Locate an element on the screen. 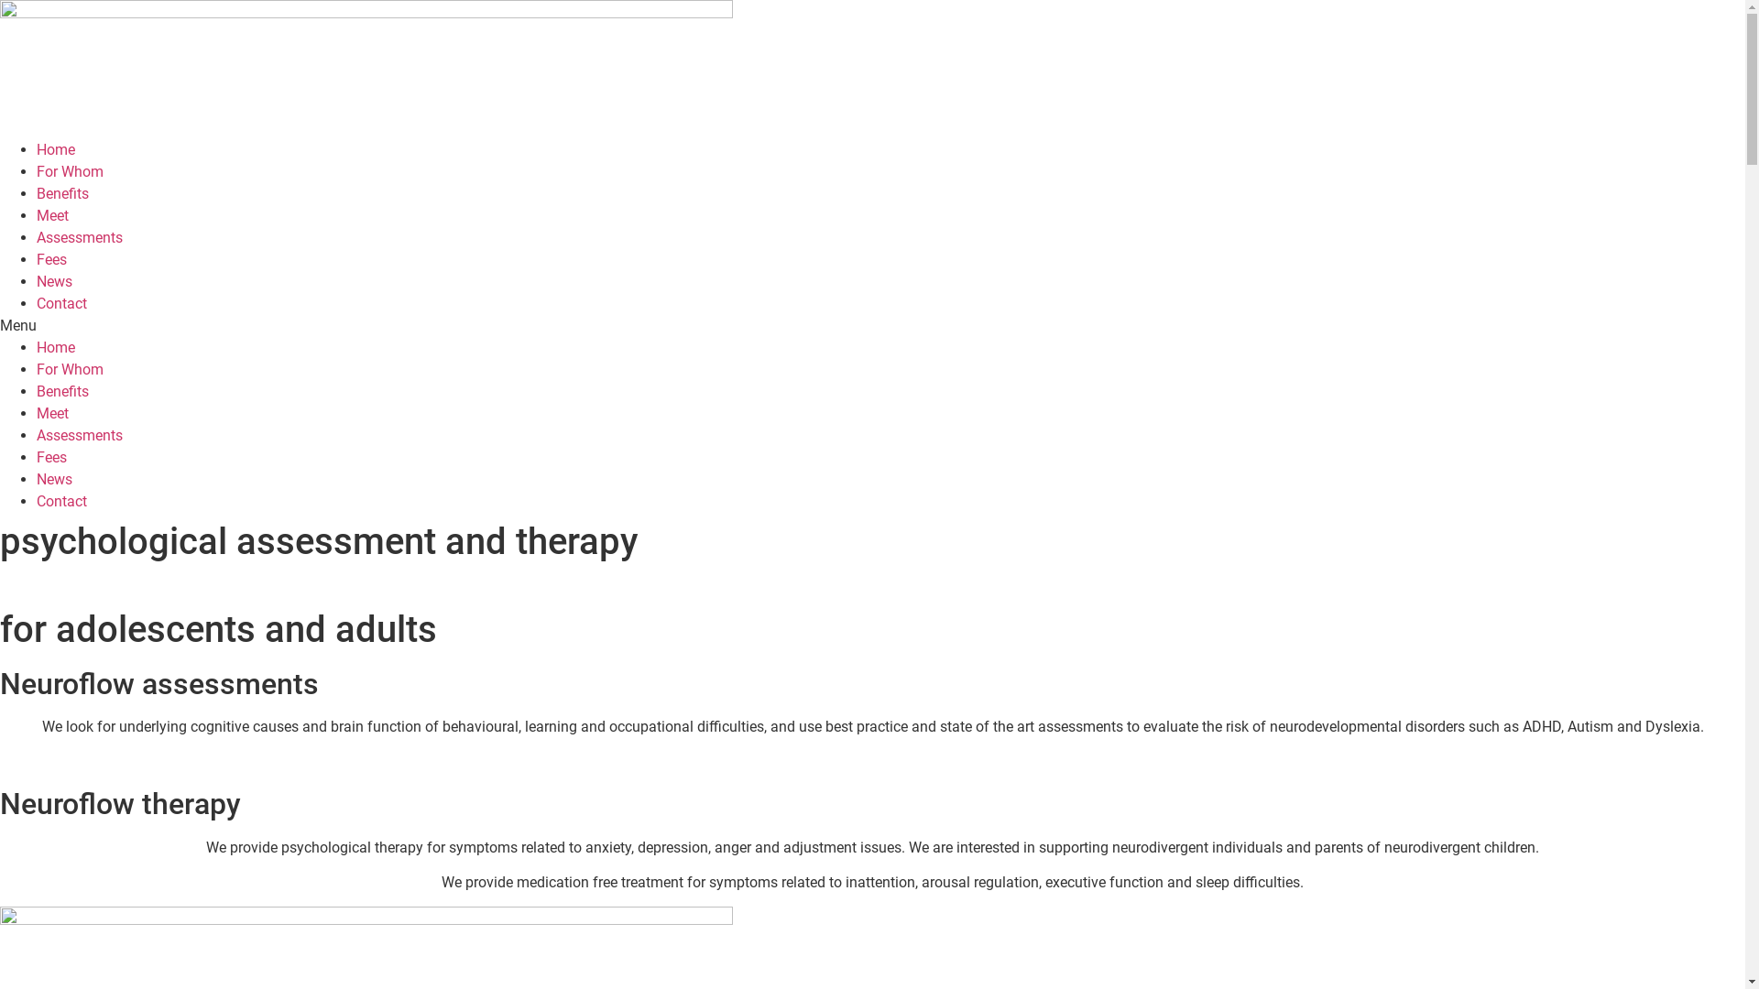 This screenshot has height=989, width=1759. 'Home' is located at coordinates (56, 347).